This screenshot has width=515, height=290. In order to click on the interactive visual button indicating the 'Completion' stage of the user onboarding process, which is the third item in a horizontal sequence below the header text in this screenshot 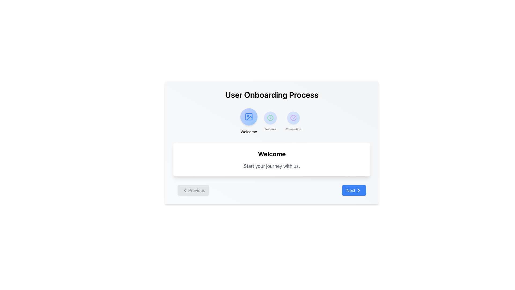, I will do `click(293, 121)`.